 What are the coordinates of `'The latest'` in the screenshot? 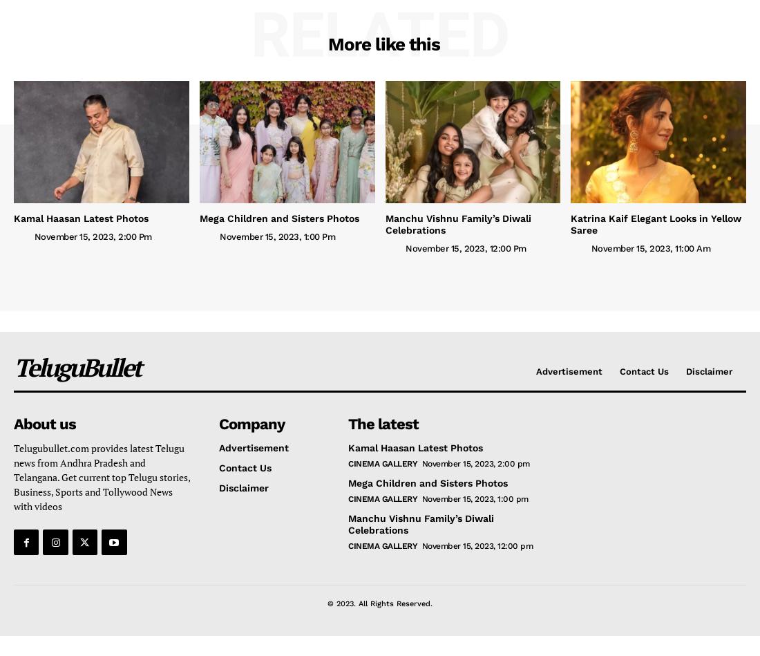 It's located at (382, 423).